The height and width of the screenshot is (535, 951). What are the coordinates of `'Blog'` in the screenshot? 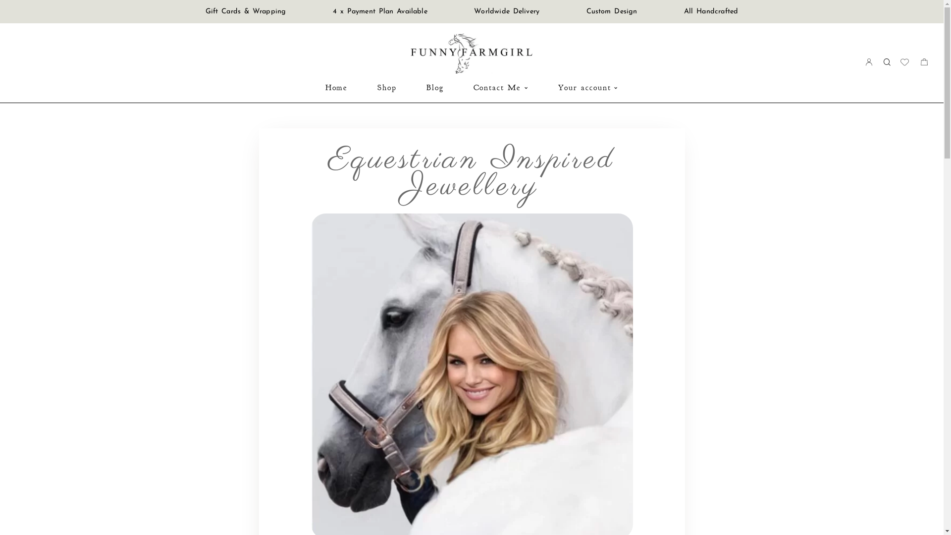 It's located at (411, 87).